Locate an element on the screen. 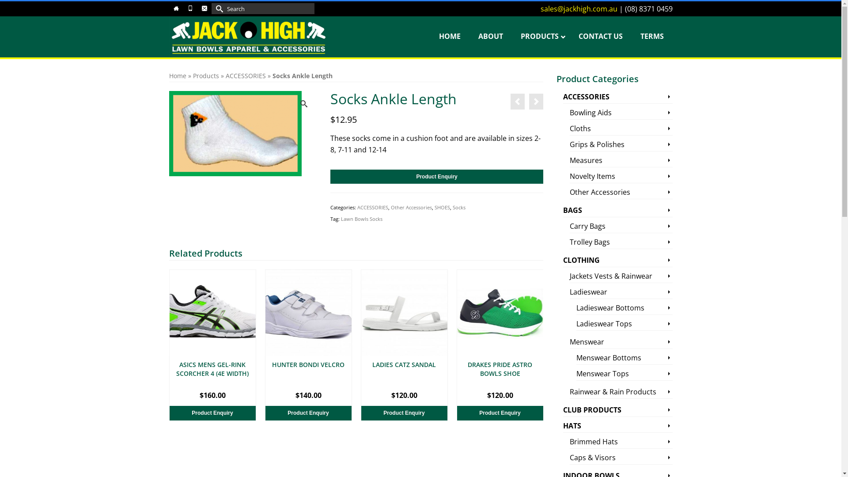  'SHOES' is located at coordinates (442, 207).